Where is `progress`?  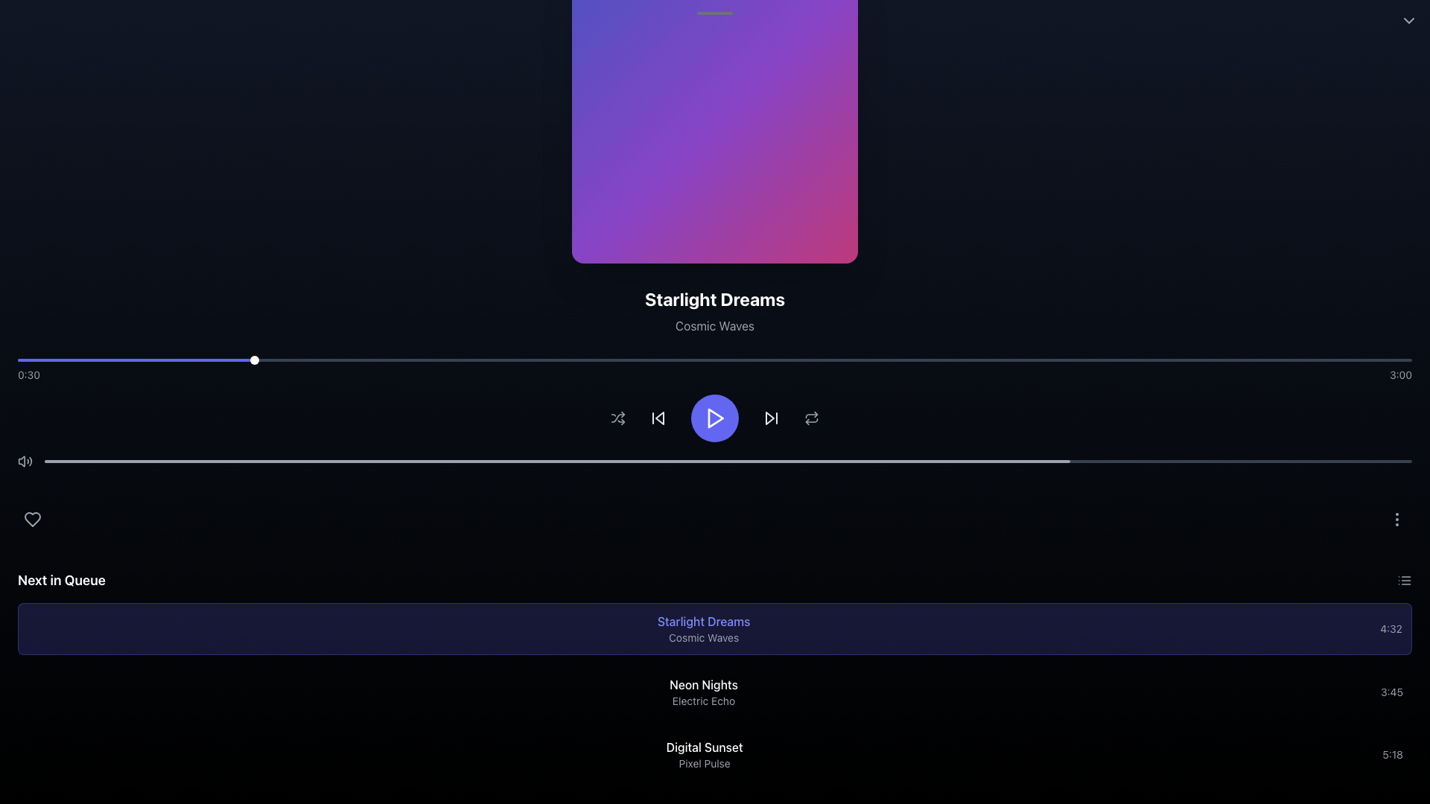
progress is located at coordinates (179, 360).